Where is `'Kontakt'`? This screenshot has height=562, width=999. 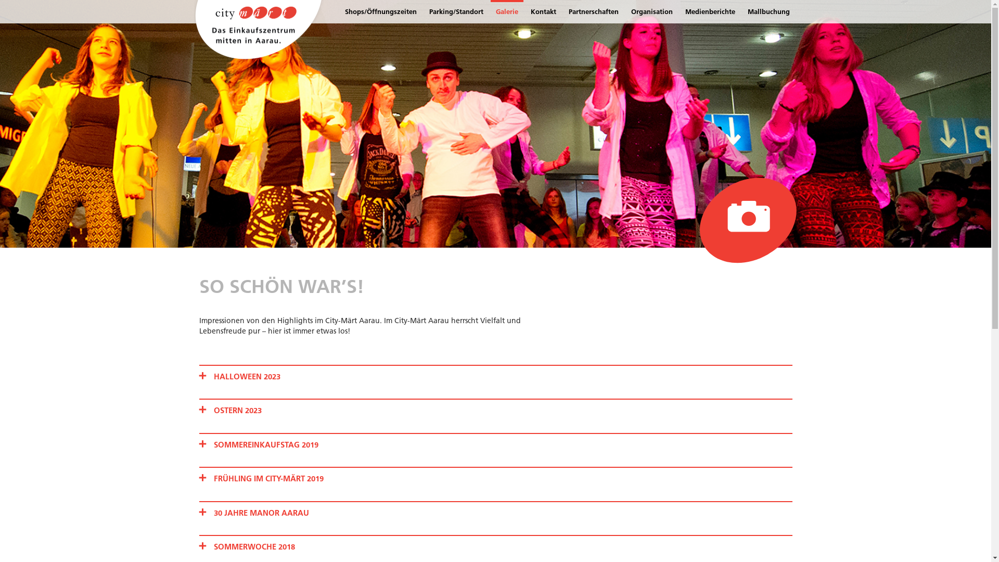
'Kontakt' is located at coordinates (543, 11).